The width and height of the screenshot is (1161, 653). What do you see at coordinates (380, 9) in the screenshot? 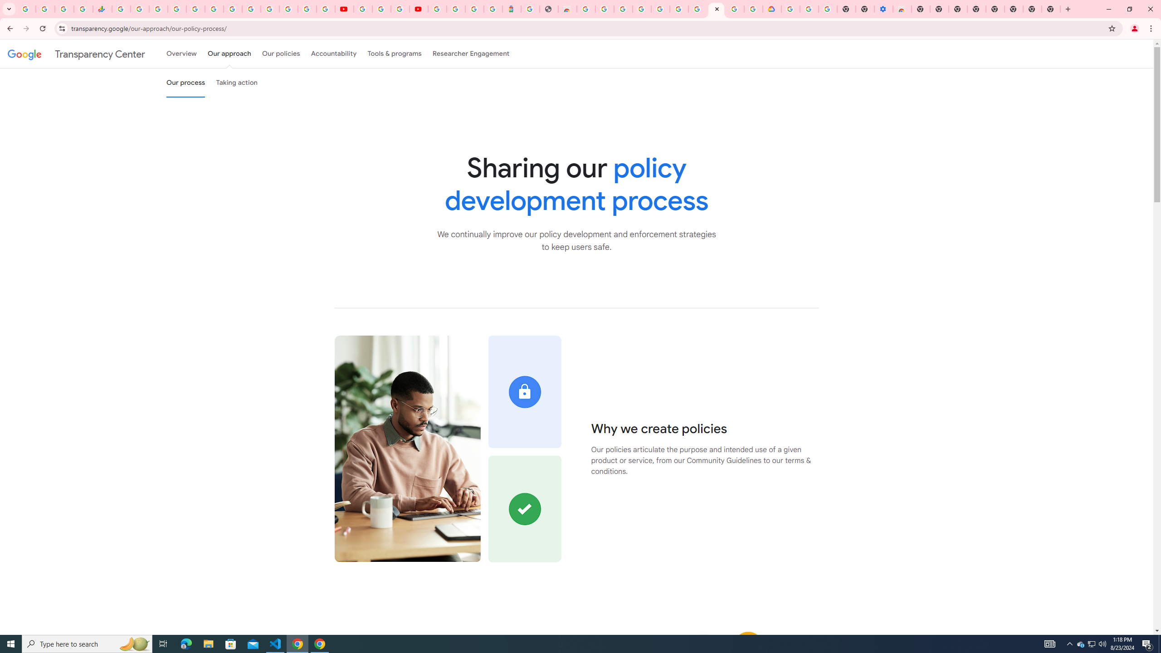
I see `'Google Account Help'` at bounding box center [380, 9].